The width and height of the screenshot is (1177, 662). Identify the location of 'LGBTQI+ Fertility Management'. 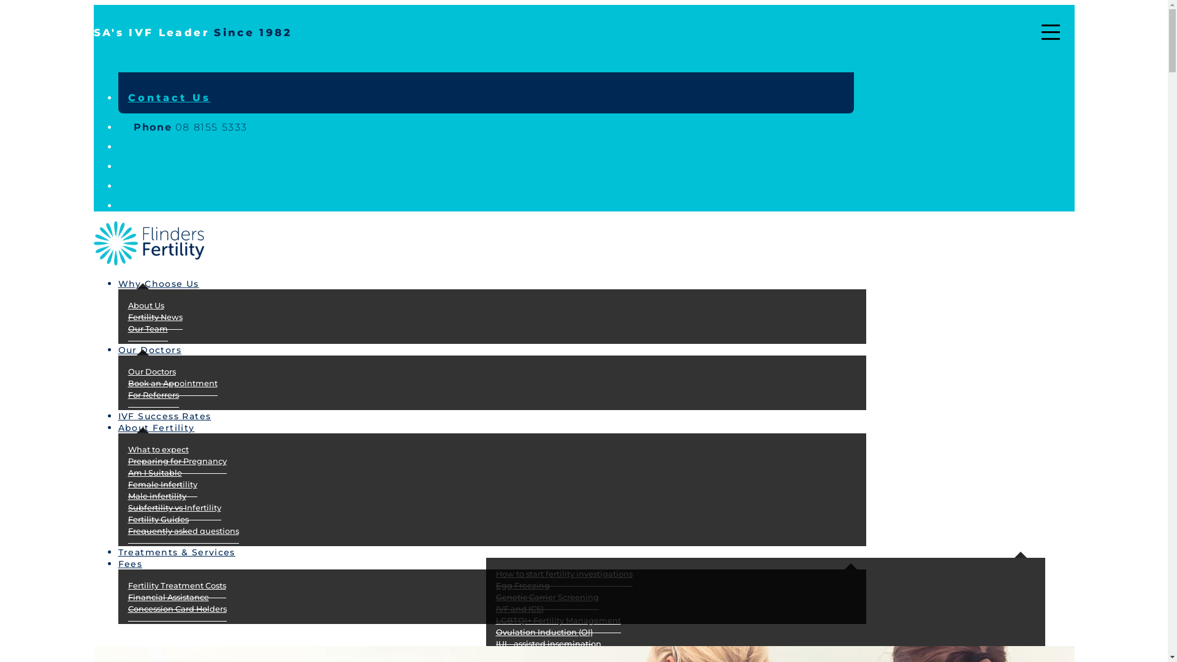
(557, 621).